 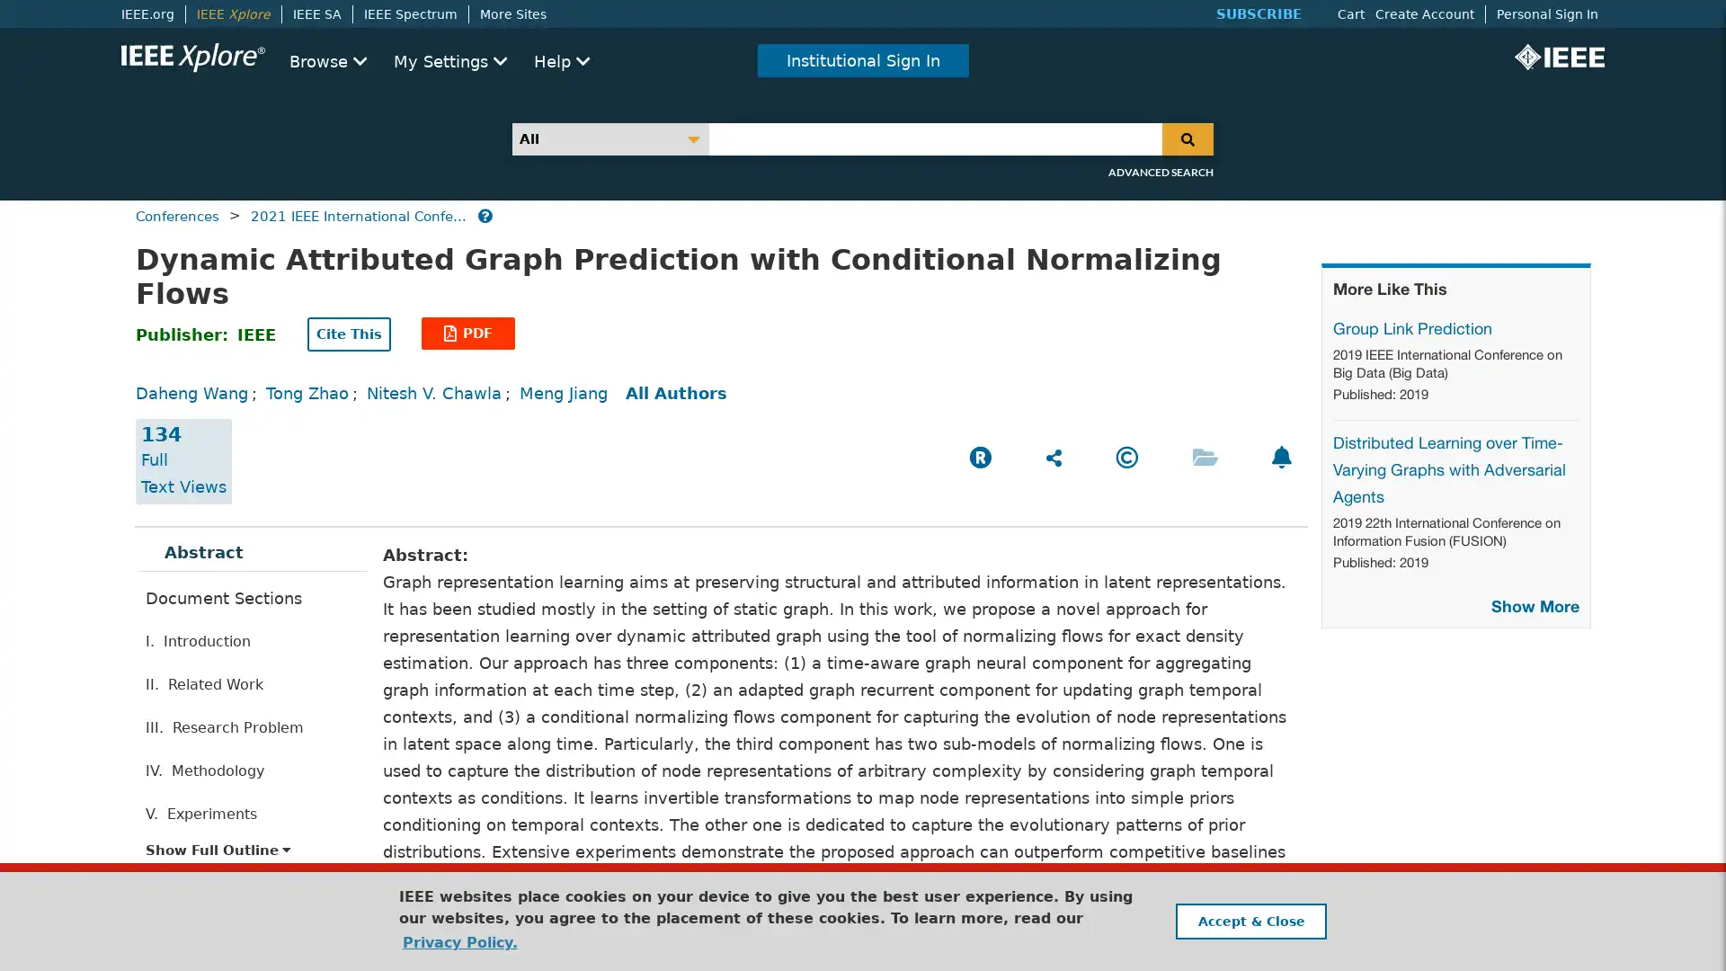 I want to click on Cite This, so click(x=349, y=334).